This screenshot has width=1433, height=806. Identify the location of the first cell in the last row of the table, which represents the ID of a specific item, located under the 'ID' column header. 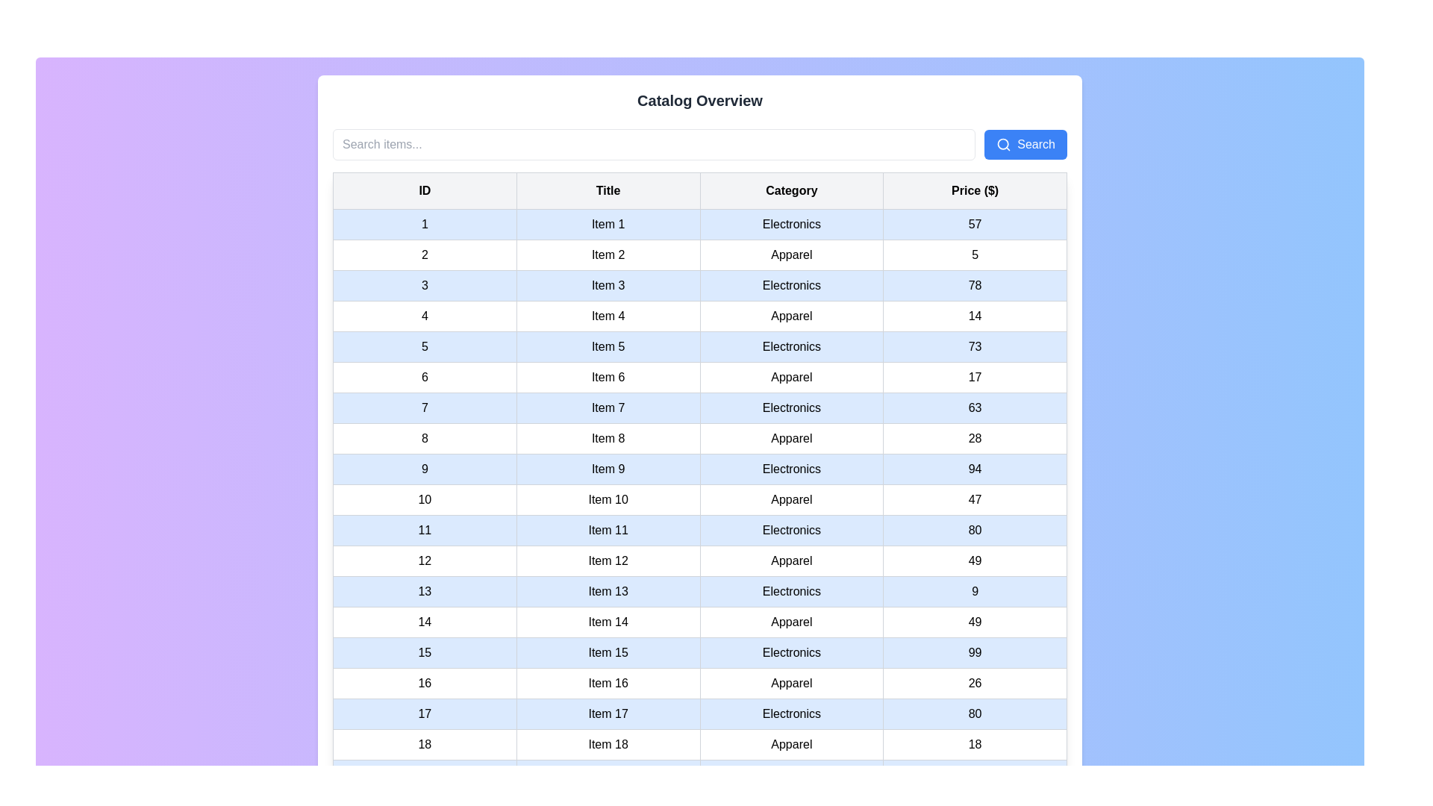
(424, 745).